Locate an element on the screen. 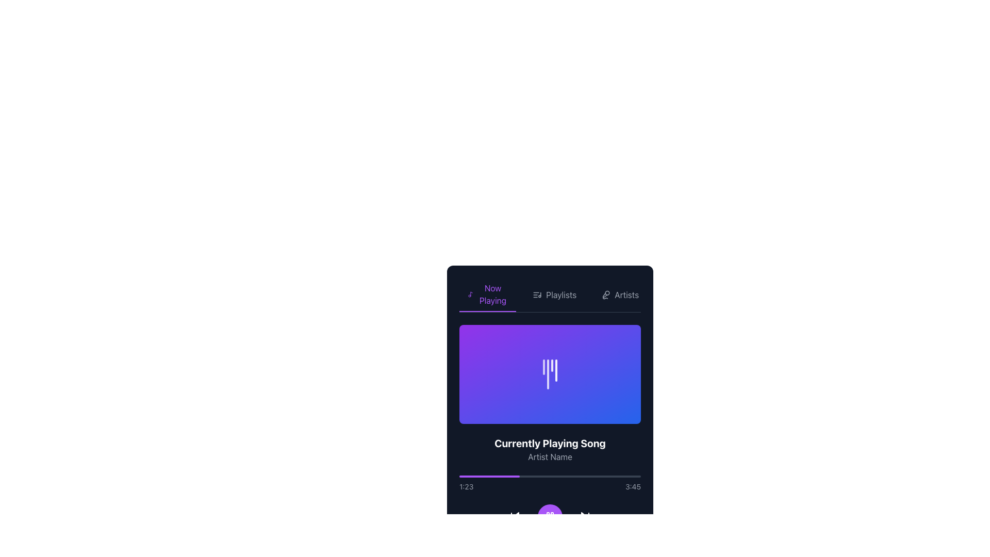 This screenshot has width=990, height=557. the progress bar located below the 'Currently Playing Song' section to change the playback position is located at coordinates (549, 483).